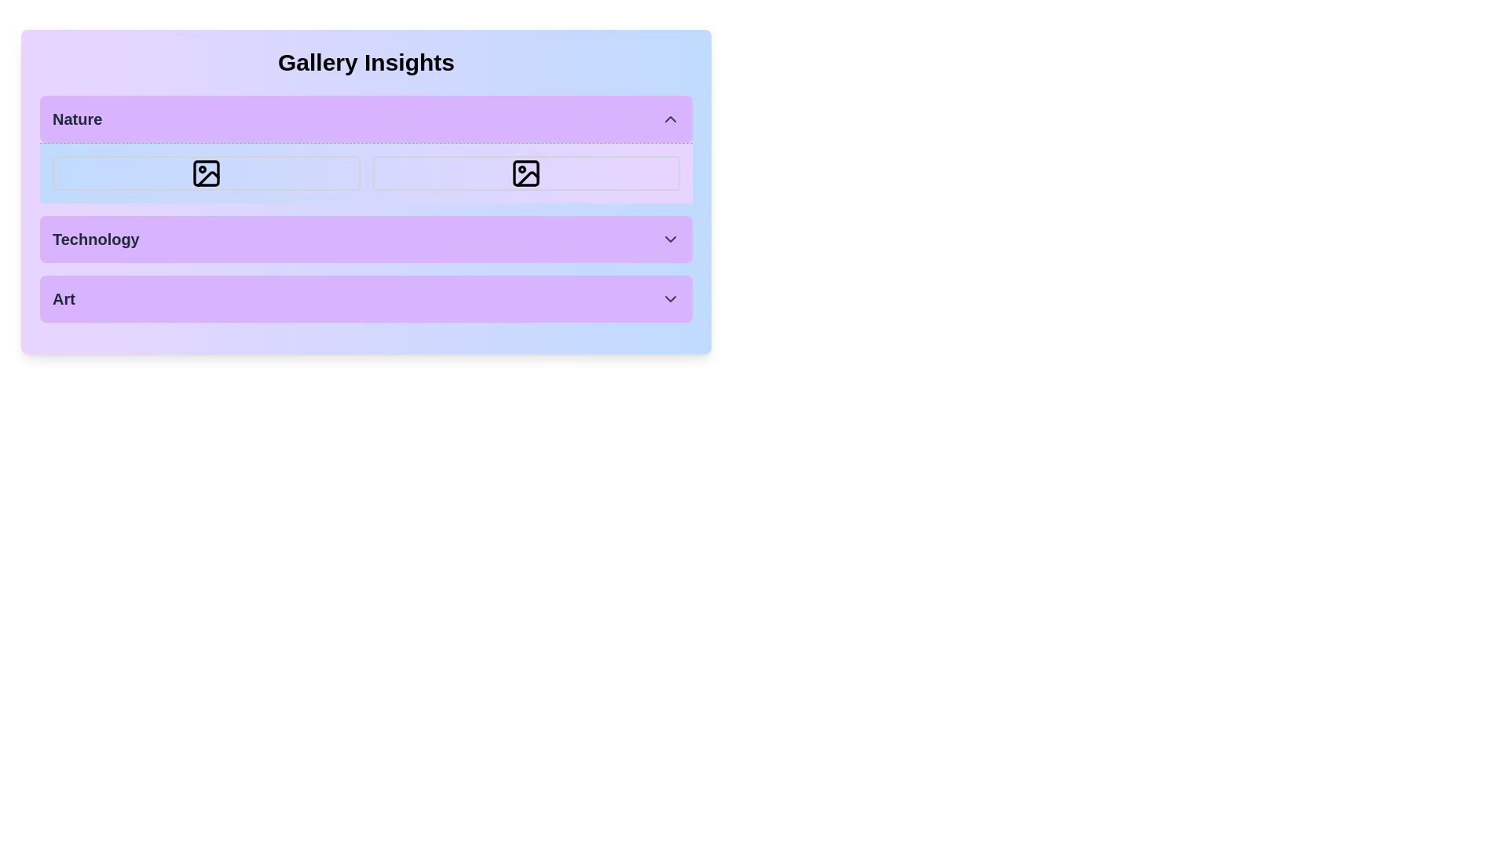 Image resolution: width=1508 pixels, height=848 pixels. I want to click on the image frame icon with a circular object located in the 'Nature' row of the 'Gallery Insights' panel, so click(205, 173).